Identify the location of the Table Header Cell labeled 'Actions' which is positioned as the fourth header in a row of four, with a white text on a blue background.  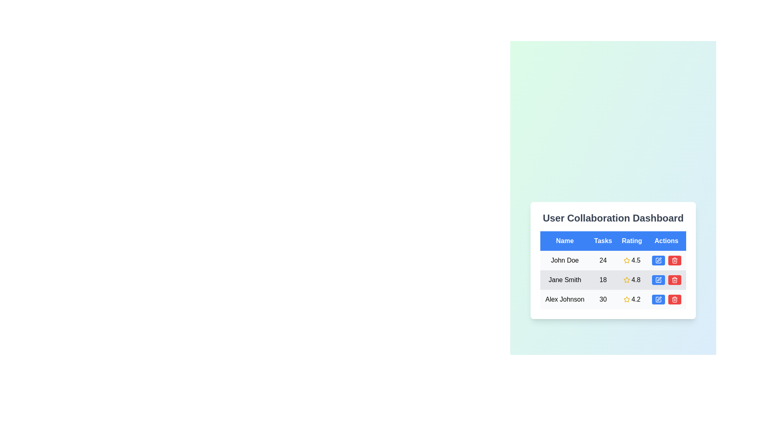
(666, 241).